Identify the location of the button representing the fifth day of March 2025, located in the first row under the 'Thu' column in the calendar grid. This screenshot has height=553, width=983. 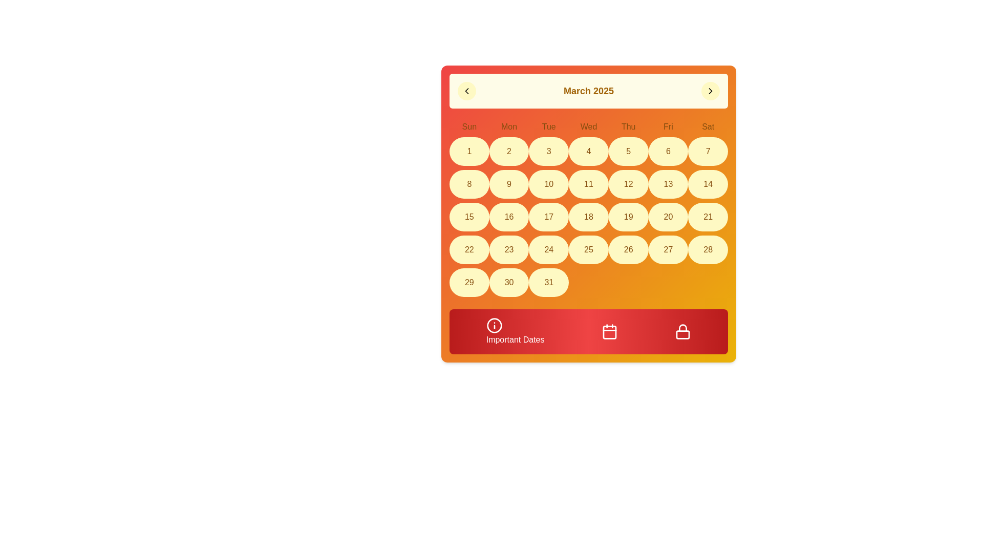
(628, 152).